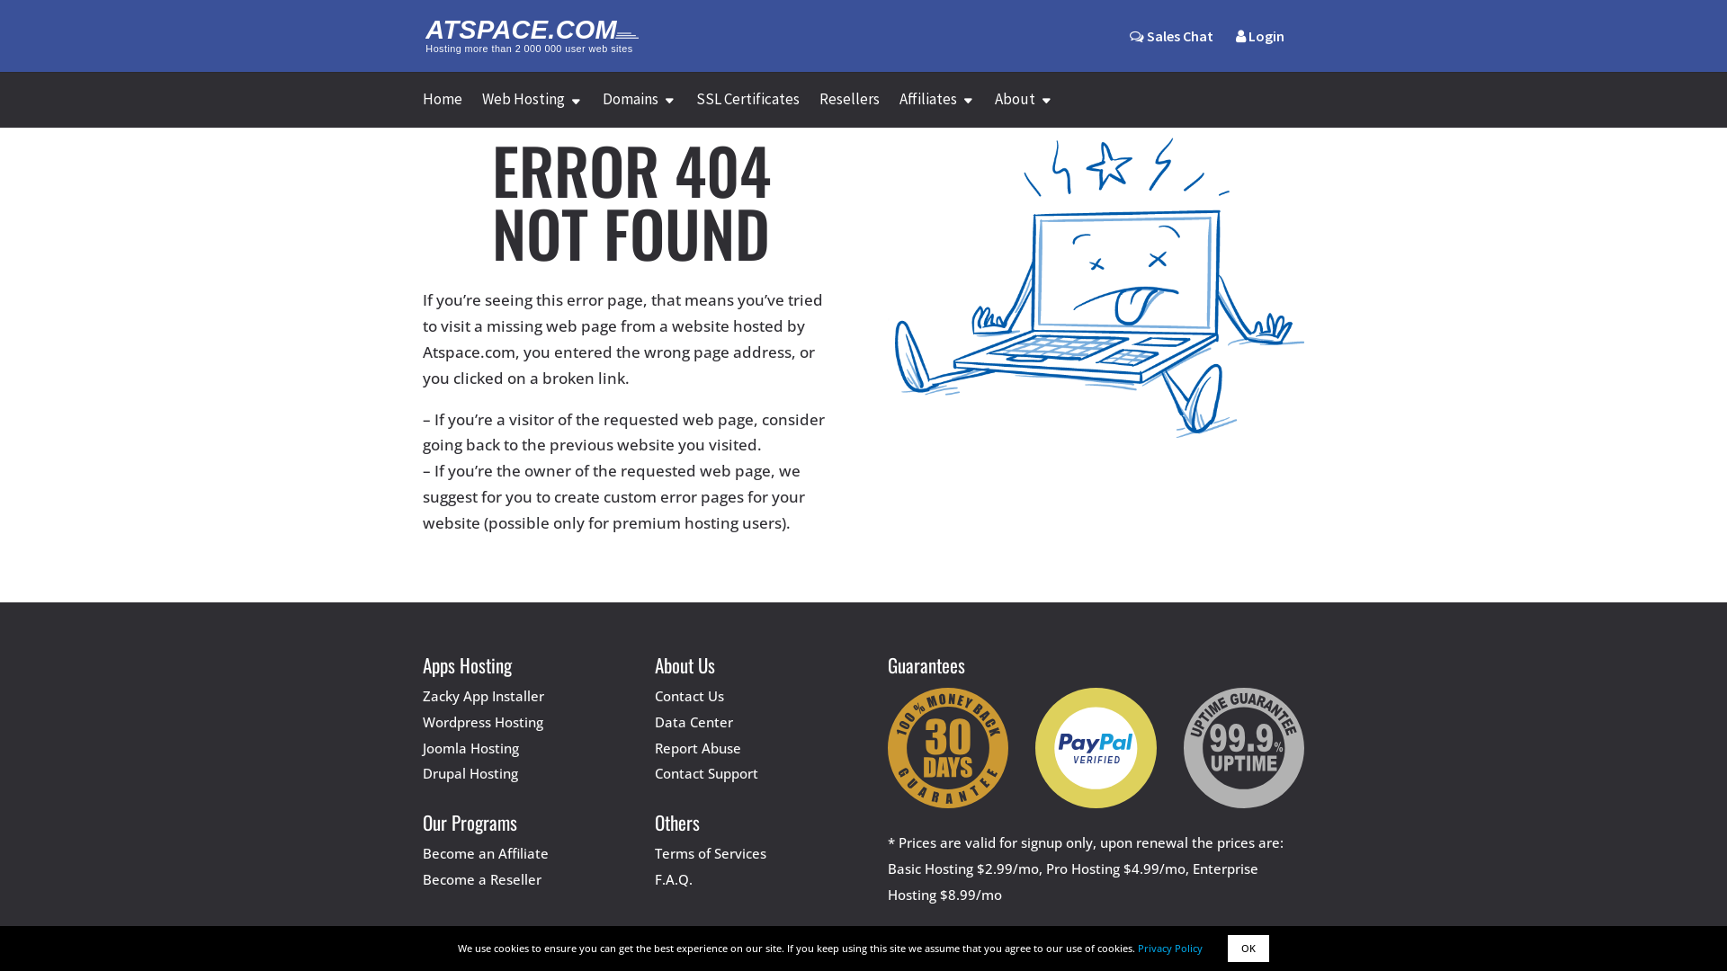  I want to click on 'Login', so click(1259, 49).